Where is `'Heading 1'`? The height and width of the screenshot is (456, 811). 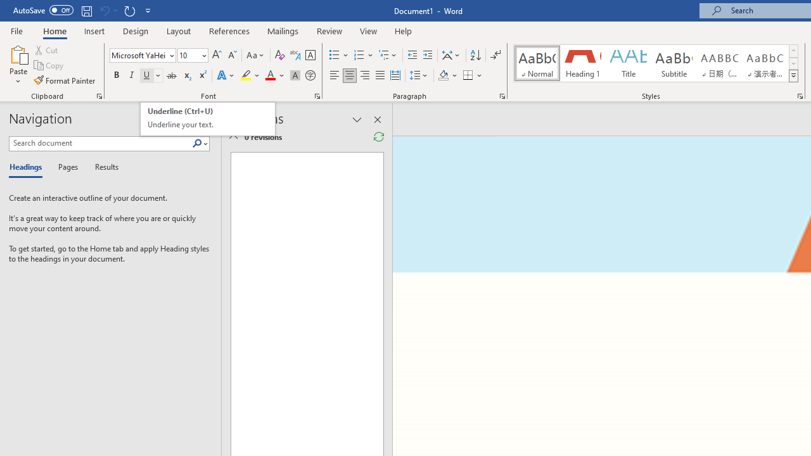 'Heading 1' is located at coordinates (582, 63).